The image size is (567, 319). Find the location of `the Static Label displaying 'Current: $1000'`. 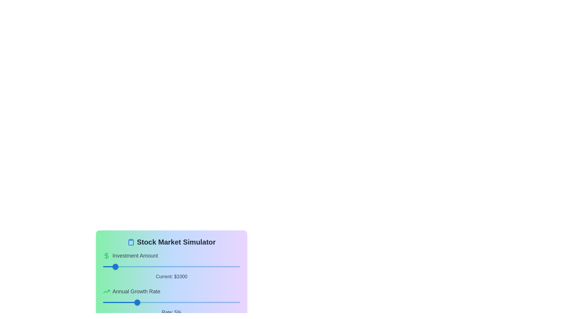

the Static Label displaying 'Current: $1000' is located at coordinates (171, 277).